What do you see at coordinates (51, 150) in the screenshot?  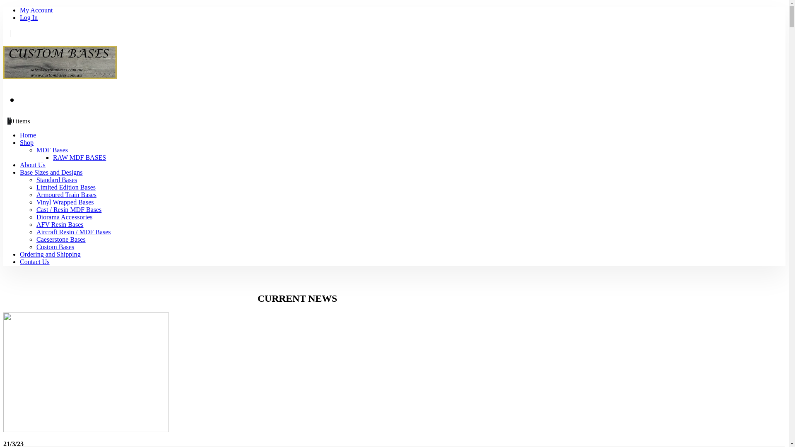 I see `'MDF Bases'` at bounding box center [51, 150].